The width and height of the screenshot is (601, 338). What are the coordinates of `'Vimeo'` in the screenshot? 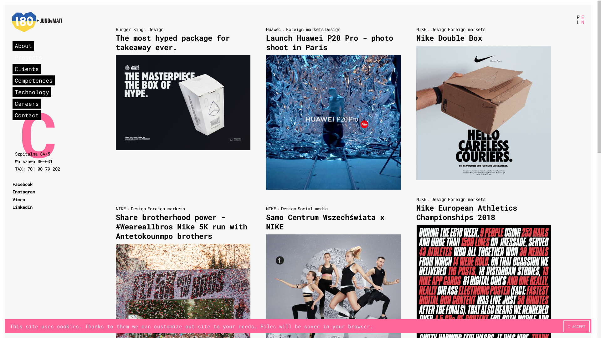 It's located at (18, 200).